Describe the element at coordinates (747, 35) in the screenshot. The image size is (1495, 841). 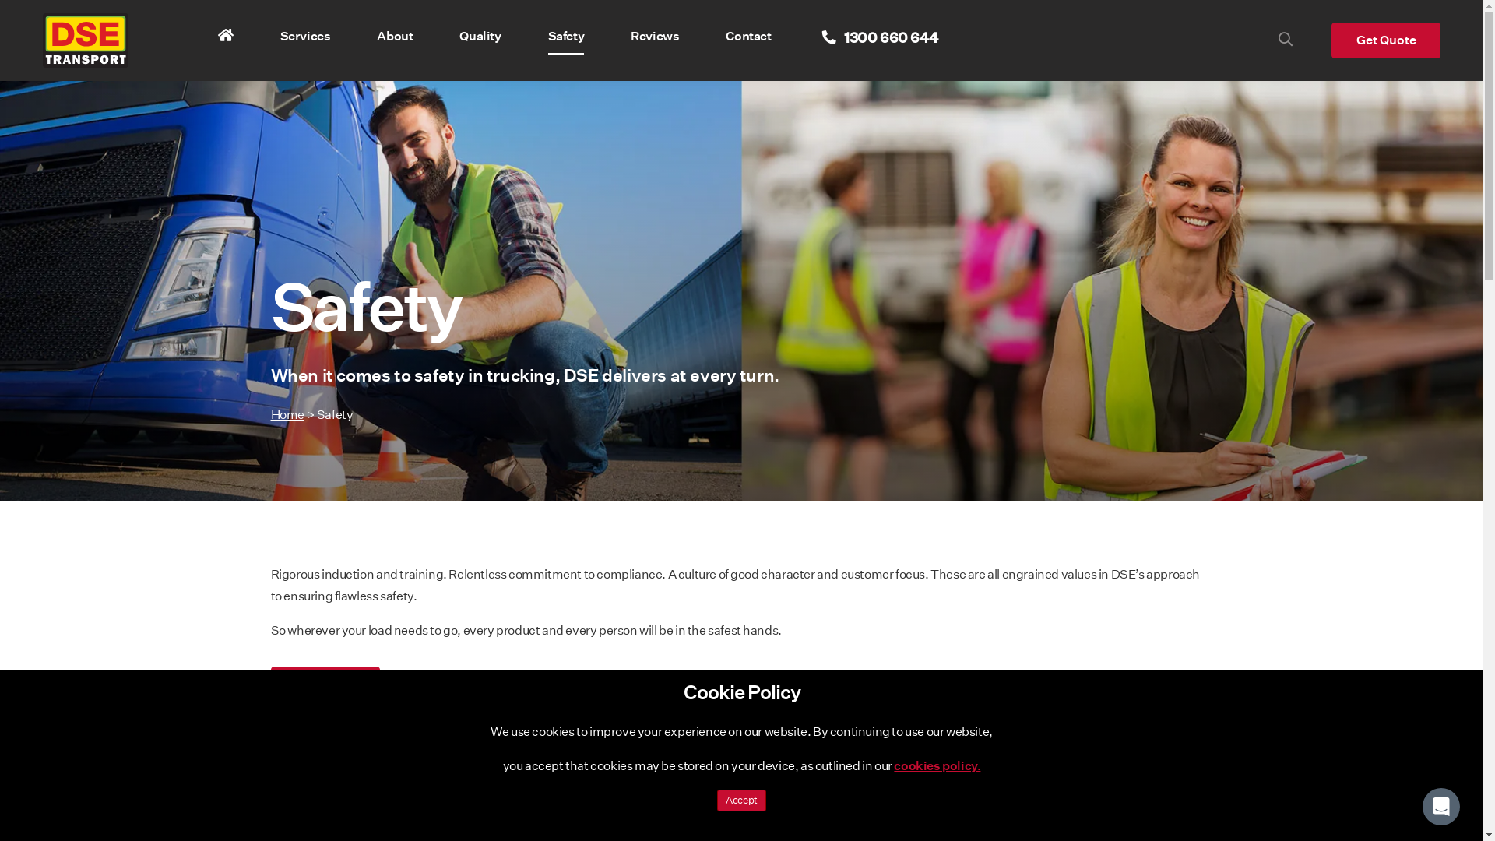
I see `'Contact'` at that location.